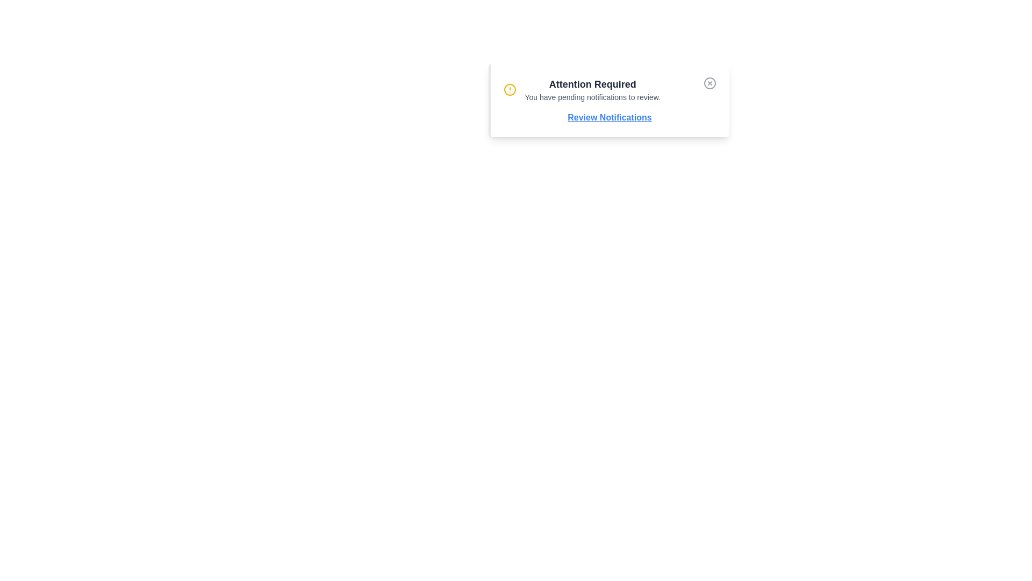 This screenshot has height=581, width=1032. I want to click on the 'Review Notifications' hyperlink, which is styled with blue-colored, underlined text and is located in the lower portion of a notification card, so click(610, 118).